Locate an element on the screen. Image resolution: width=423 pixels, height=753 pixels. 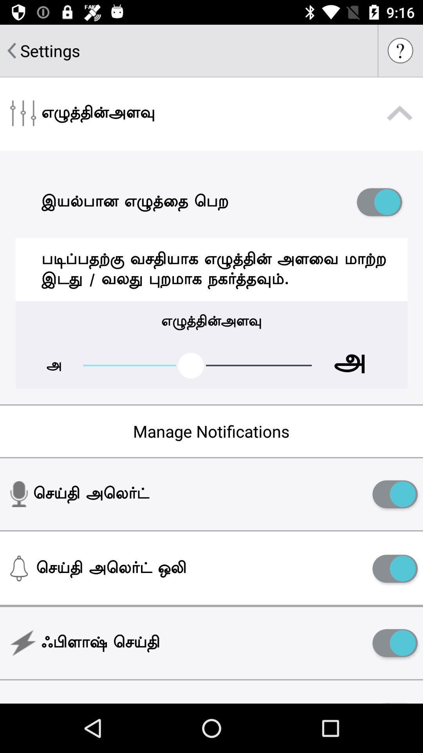
the icon to the right of the night mode icon is located at coordinates (395, 701).